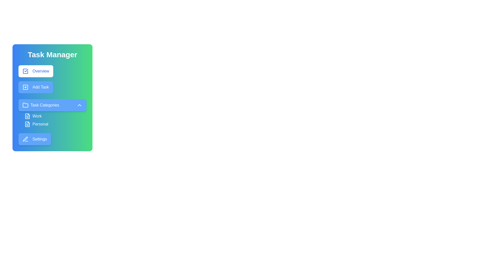 This screenshot has height=270, width=480. Describe the element at coordinates (35, 87) in the screenshot. I see `the 'Add Task' button, which has a blue background, rounded corners, and white text, located below the 'Overview' button in the side navigation panel` at that location.